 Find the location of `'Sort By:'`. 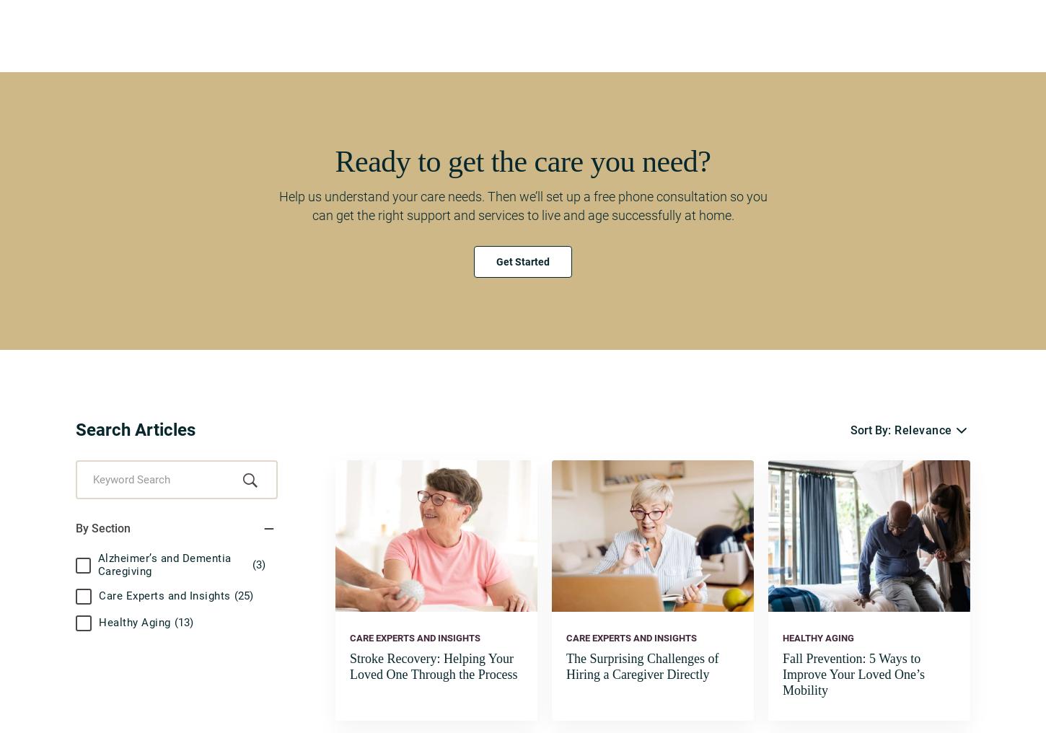

'Sort By:' is located at coordinates (869, 430).